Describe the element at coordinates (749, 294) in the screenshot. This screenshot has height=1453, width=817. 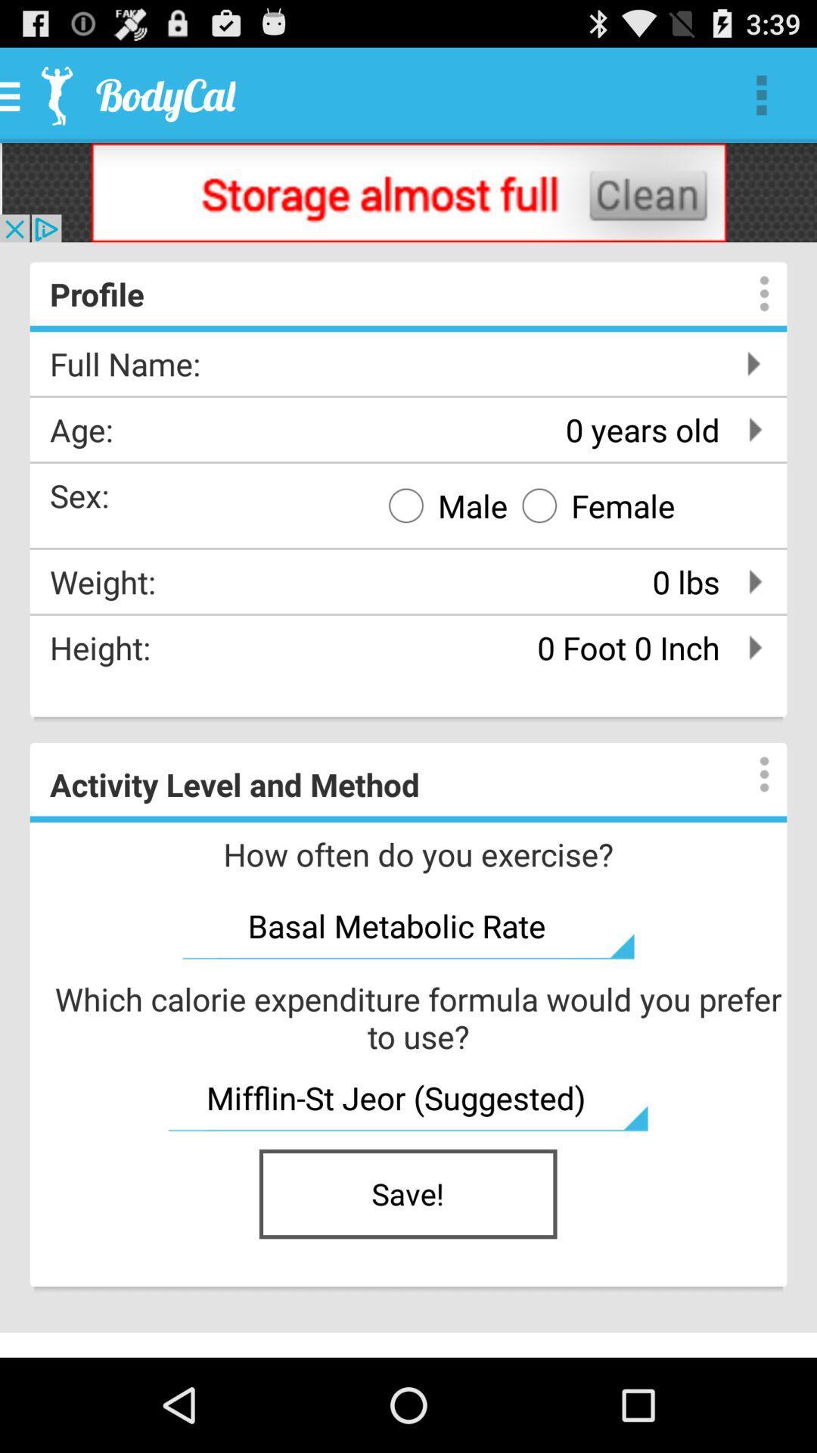
I see `open setting` at that location.